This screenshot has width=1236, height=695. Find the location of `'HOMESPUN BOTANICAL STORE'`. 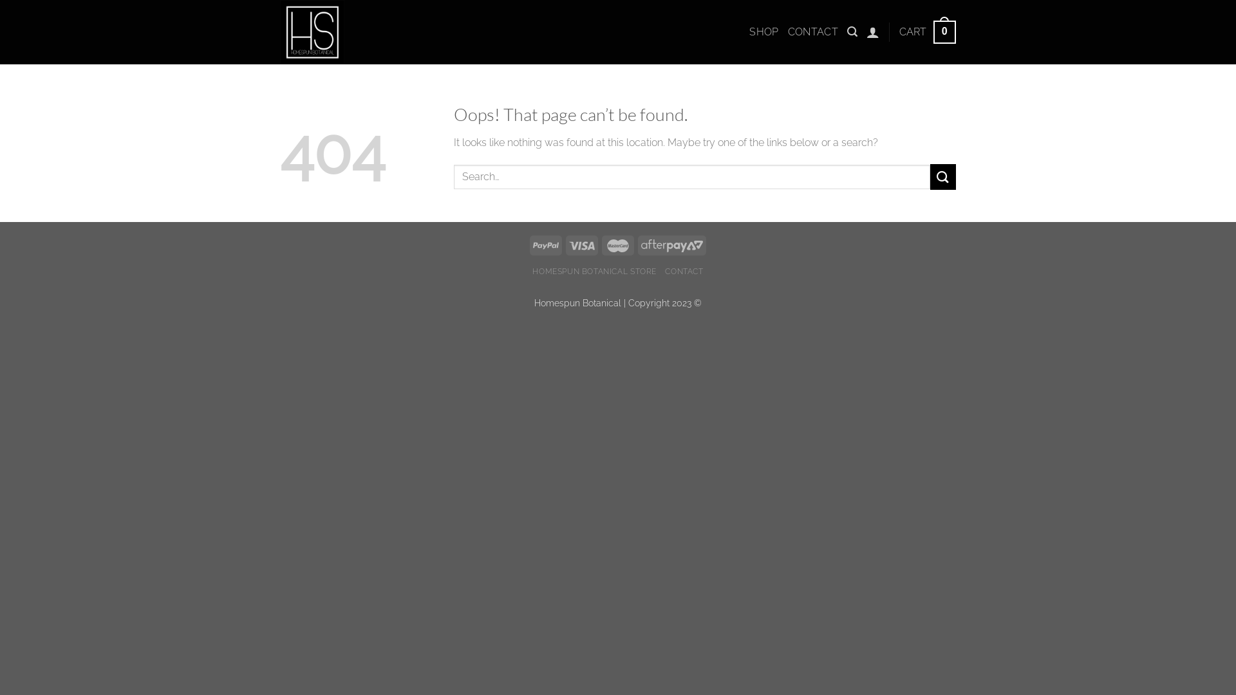

'HOMESPUN BOTANICAL STORE' is located at coordinates (594, 270).